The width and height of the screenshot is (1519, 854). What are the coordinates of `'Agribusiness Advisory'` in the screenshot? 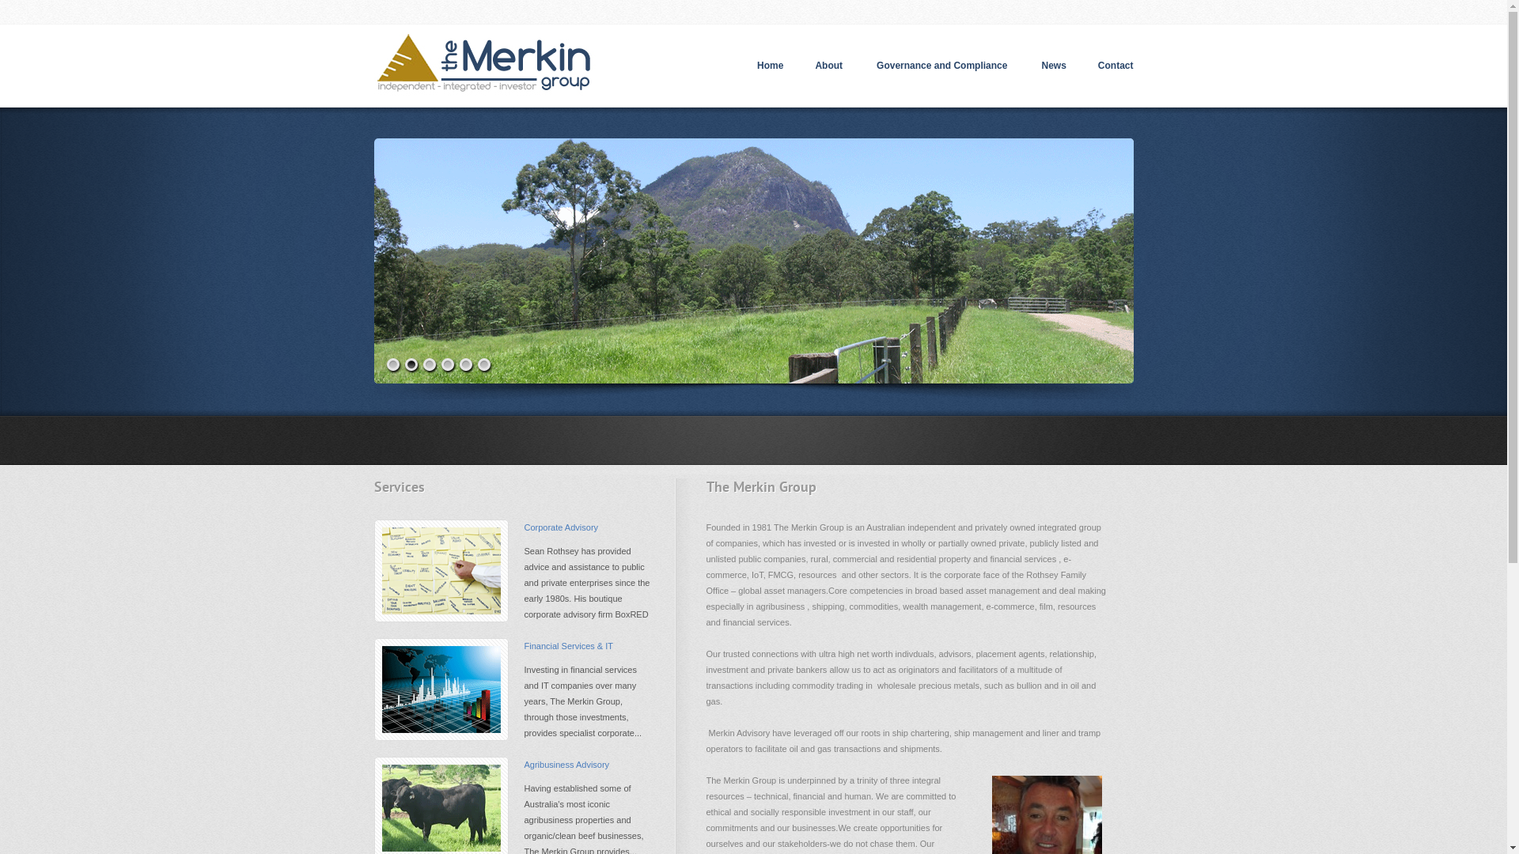 It's located at (566, 764).